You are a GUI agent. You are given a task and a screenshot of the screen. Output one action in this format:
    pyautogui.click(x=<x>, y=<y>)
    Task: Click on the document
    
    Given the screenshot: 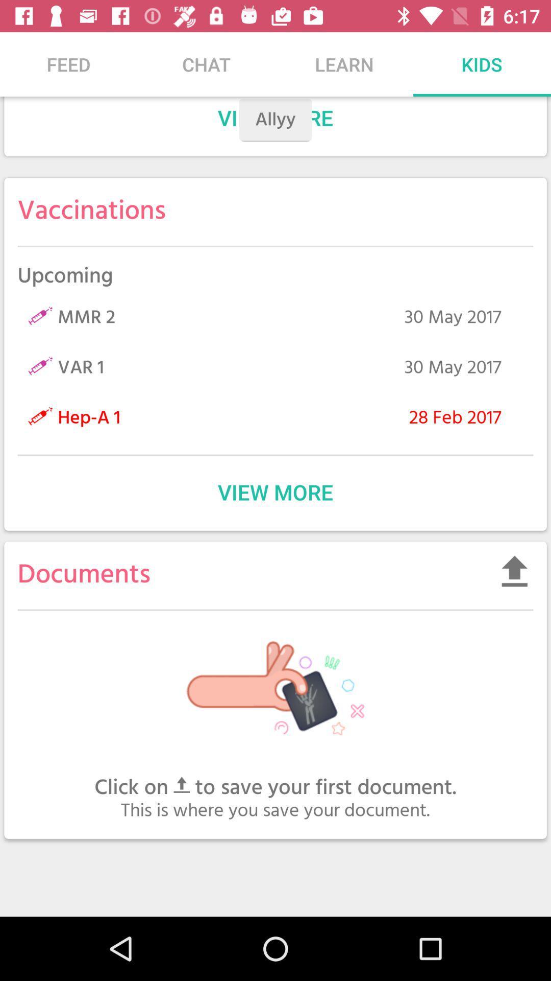 What is the action you would take?
    pyautogui.click(x=514, y=570)
    